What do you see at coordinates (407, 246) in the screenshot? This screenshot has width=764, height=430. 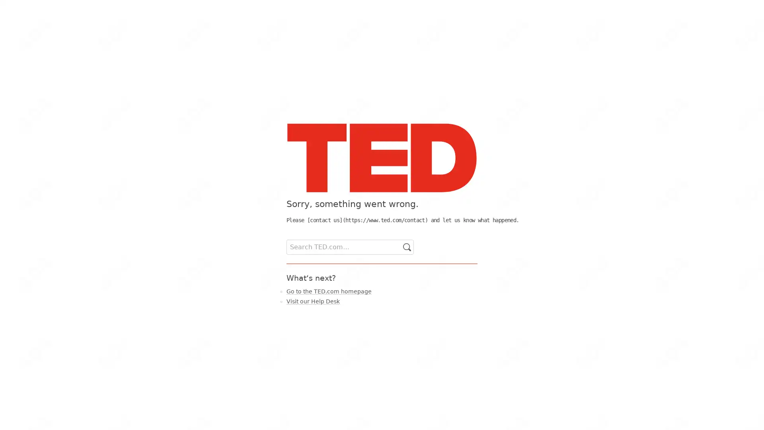 I see `Go` at bounding box center [407, 246].